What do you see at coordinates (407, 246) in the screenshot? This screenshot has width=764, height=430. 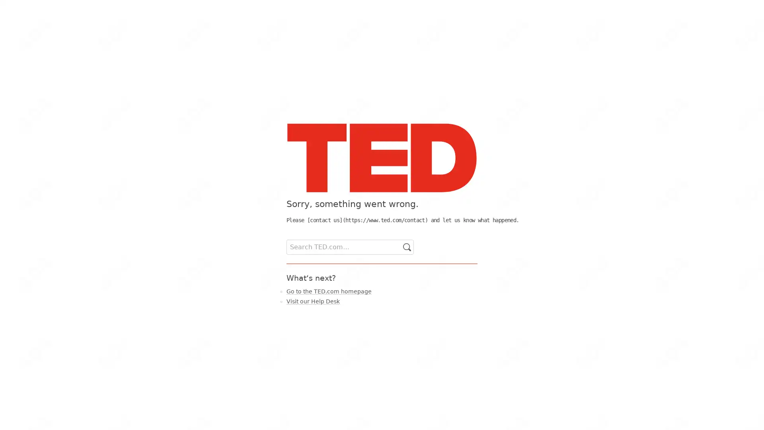 I see `Go` at bounding box center [407, 246].